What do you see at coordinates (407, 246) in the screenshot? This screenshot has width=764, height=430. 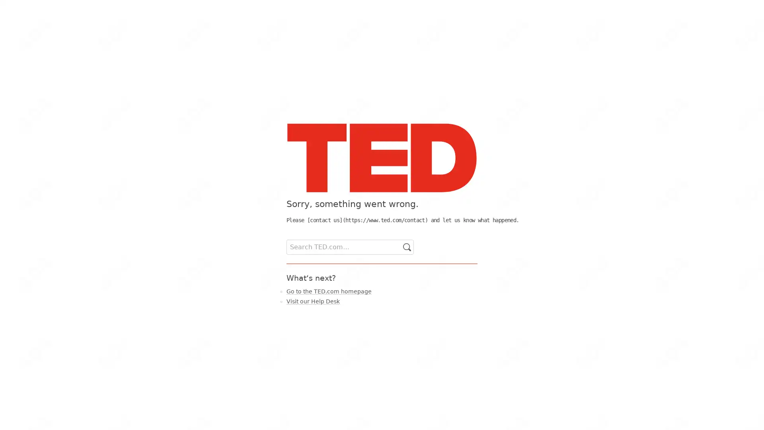 I see `Go` at bounding box center [407, 246].